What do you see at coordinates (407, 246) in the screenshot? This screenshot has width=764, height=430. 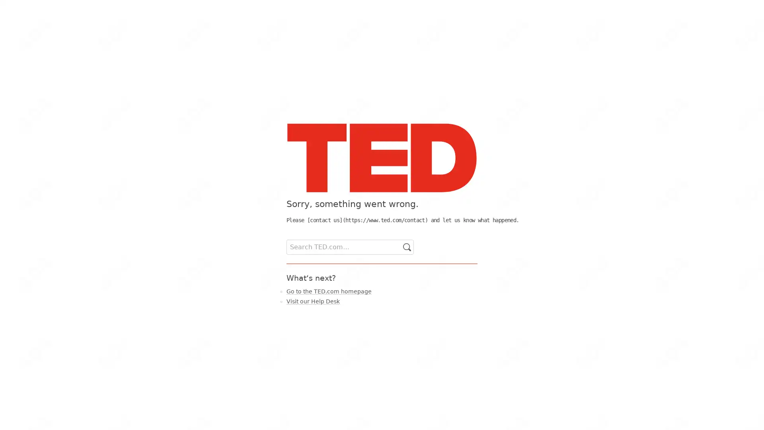 I see `Go` at bounding box center [407, 246].